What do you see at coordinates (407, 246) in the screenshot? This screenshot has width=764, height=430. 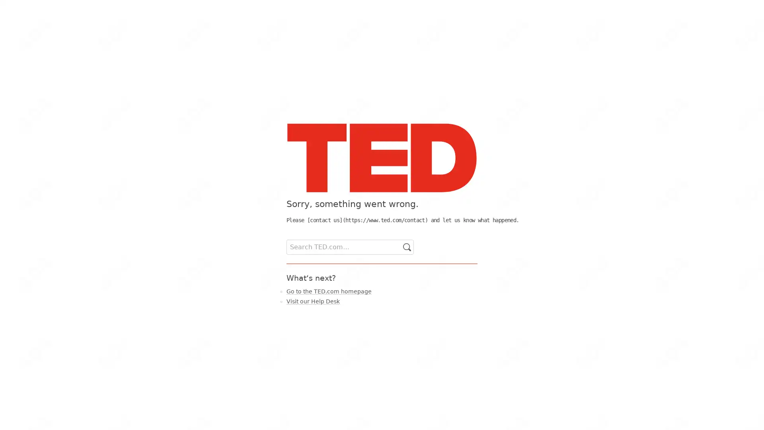 I see `Go` at bounding box center [407, 246].